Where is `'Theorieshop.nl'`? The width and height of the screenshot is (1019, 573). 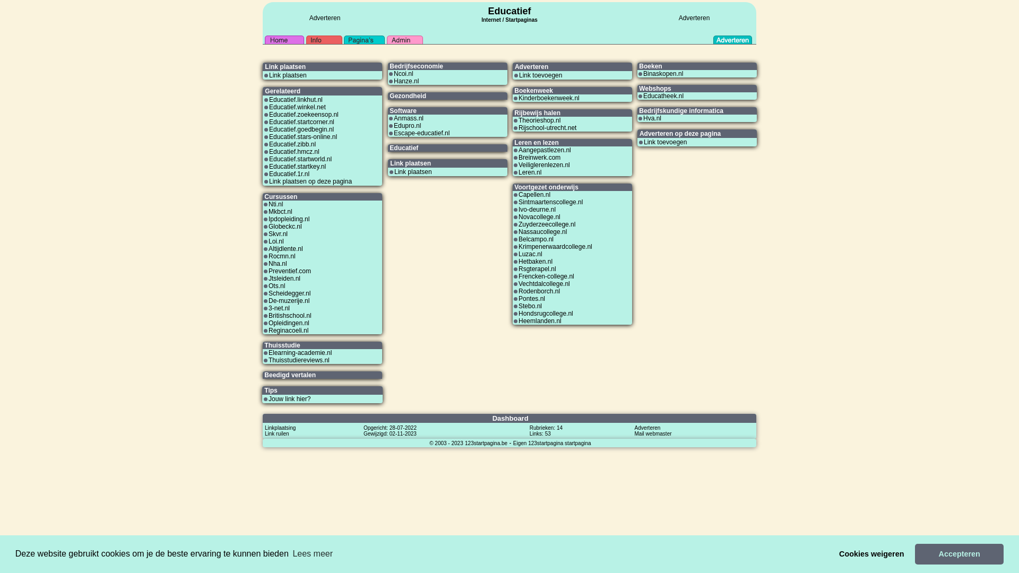 'Theorieshop.nl' is located at coordinates (539, 120).